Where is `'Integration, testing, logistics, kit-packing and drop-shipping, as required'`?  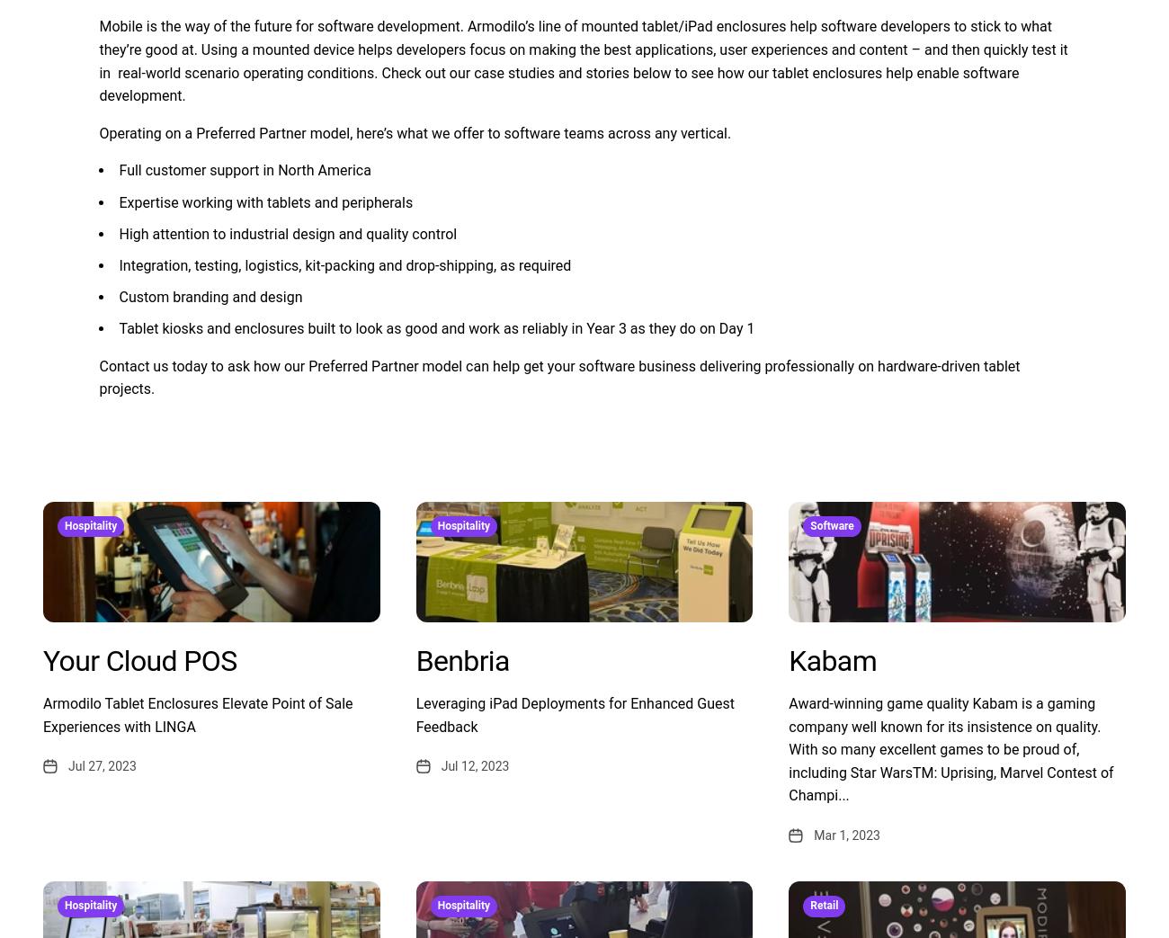
'Integration, testing, logistics, kit-packing and drop-shipping, as required' is located at coordinates (344, 264).